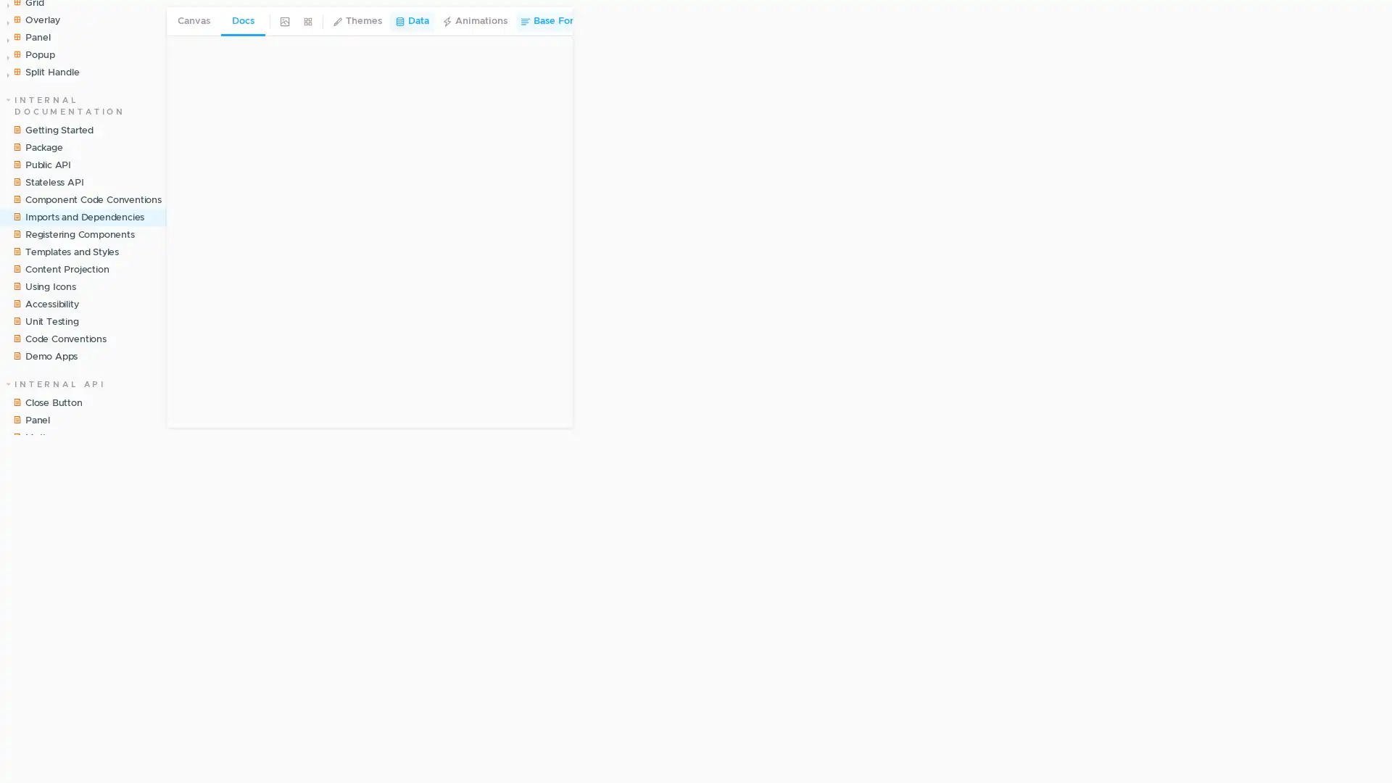 The width and height of the screenshot is (1392, 783). What do you see at coordinates (357, 22) in the screenshot?
I see `Themes` at bounding box center [357, 22].